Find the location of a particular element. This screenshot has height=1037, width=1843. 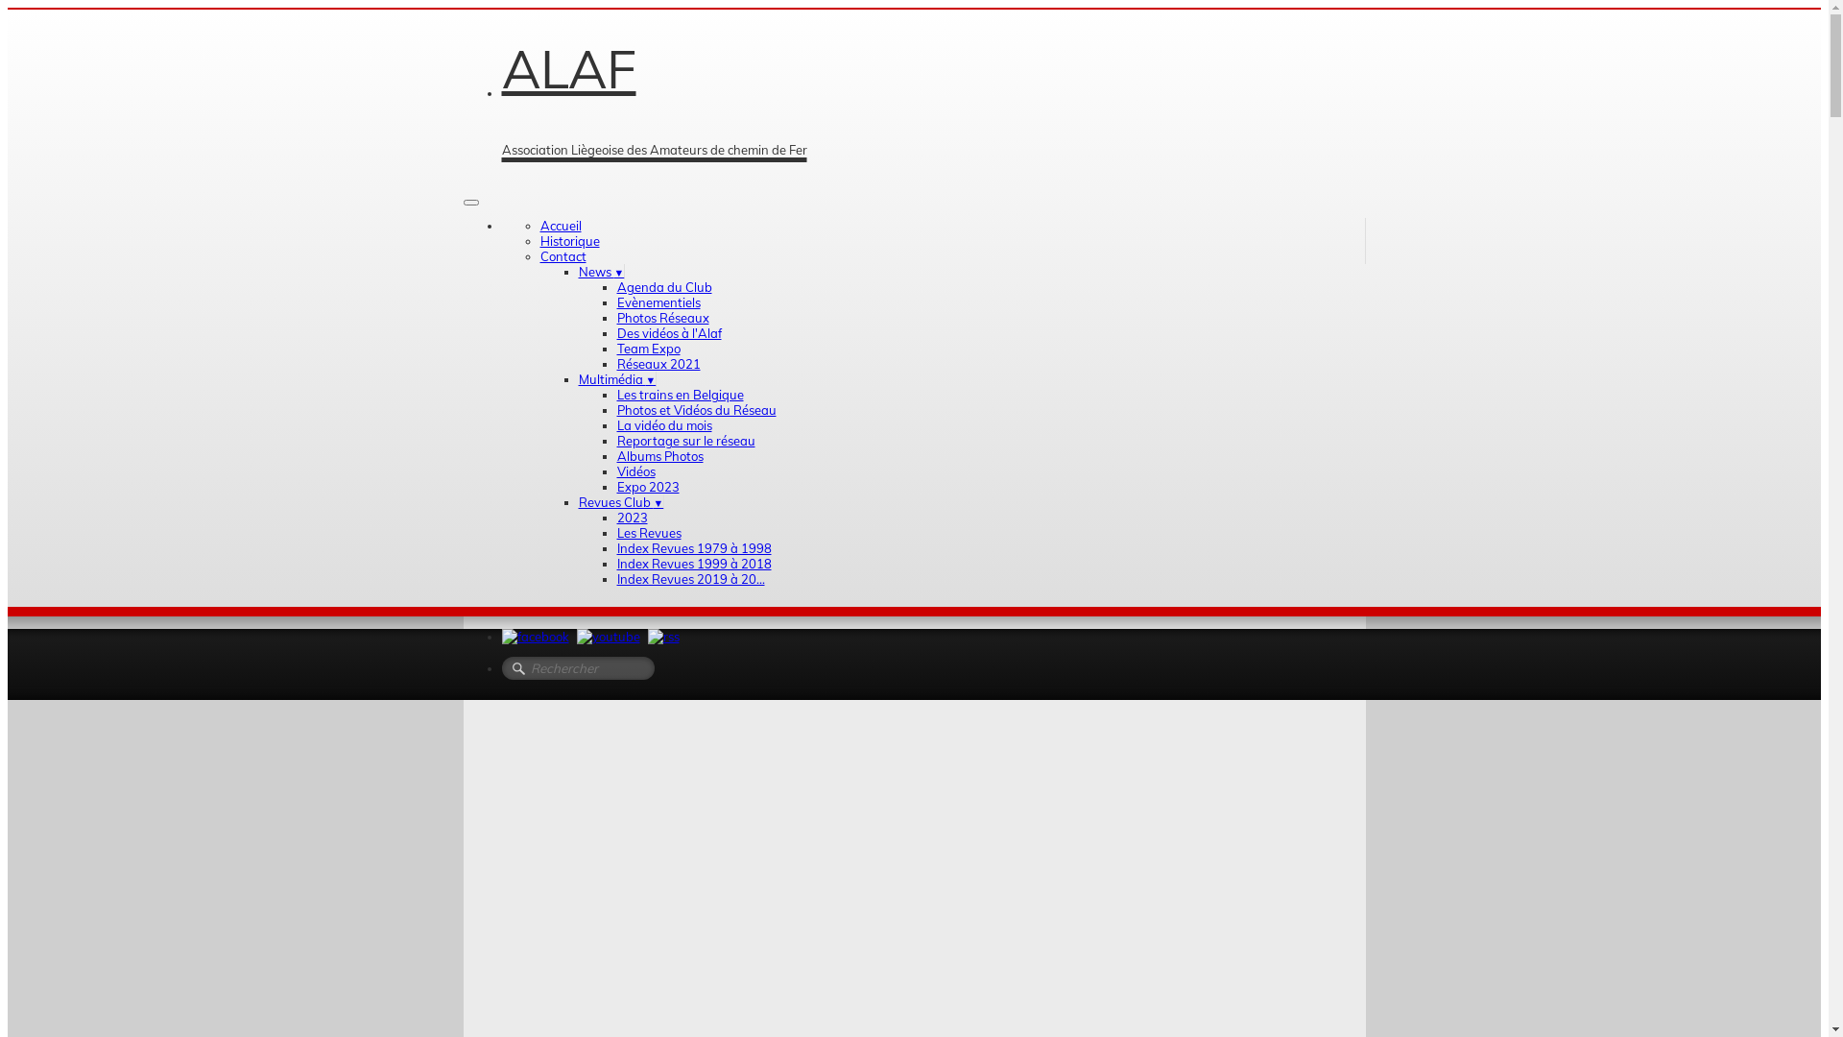

'Agenda du Club' is located at coordinates (663, 287).